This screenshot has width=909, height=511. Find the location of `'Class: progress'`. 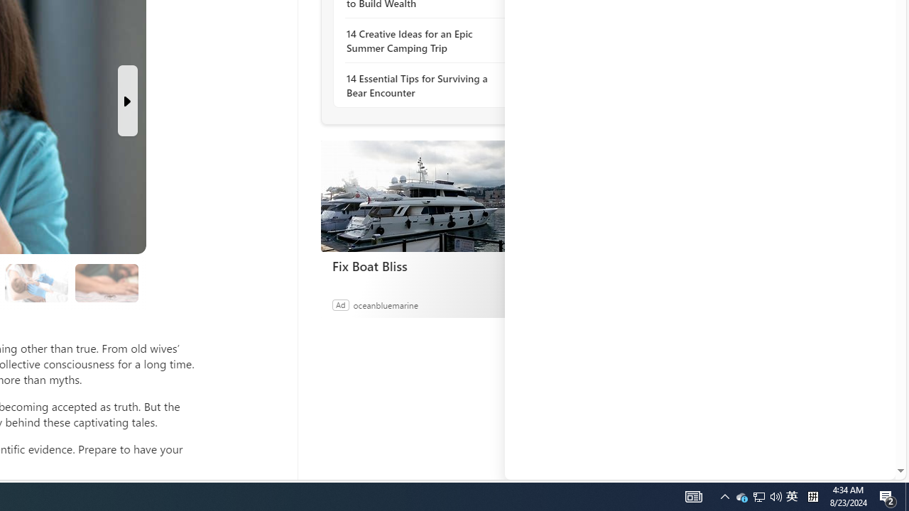

'Class: progress' is located at coordinates (106, 280).